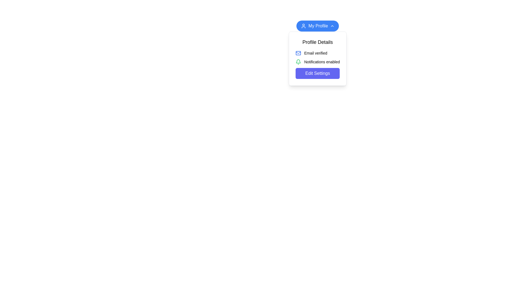 This screenshot has width=526, height=296. What do you see at coordinates (317, 73) in the screenshot?
I see `the 'Edit Settings' button, which is a rectangular button with white text on a blue background, located beneath the 'My Profile' heading and below the 'Notifications enabled' text` at bounding box center [317, 73].